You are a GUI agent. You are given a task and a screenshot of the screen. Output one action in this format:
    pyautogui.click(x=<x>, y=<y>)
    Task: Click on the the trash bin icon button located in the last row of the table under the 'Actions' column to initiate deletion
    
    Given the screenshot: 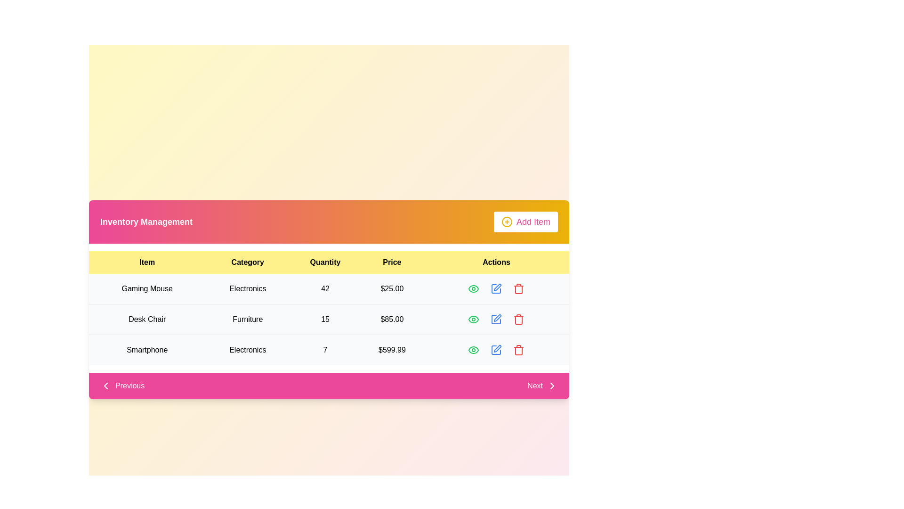 What is the action you would take?
    pyautogui.click(x=518, y=350)
    